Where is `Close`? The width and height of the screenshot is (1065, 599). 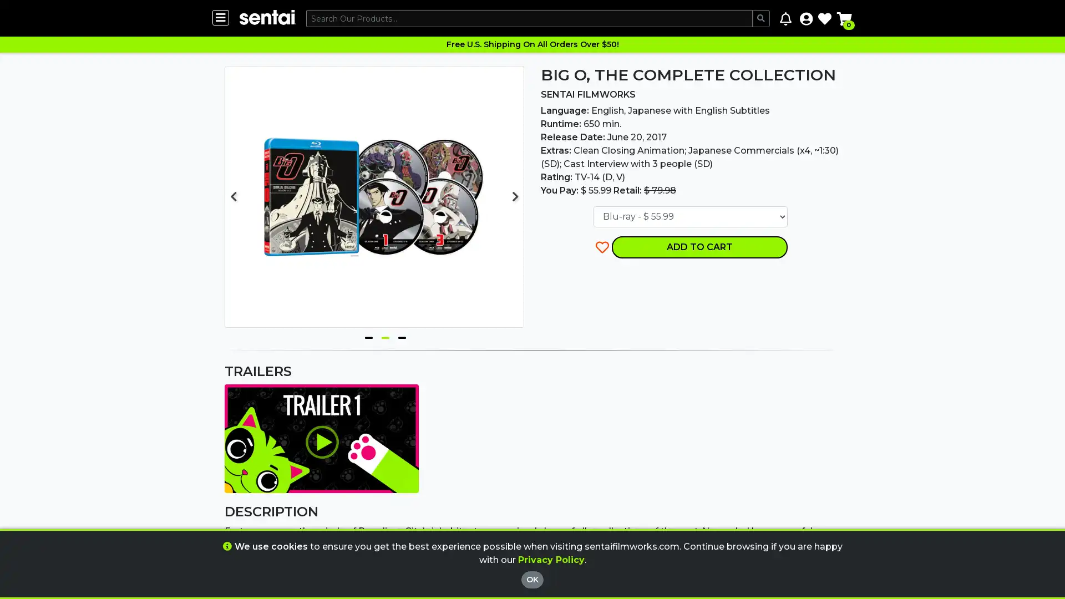 Close is located at coordinates (590, 540).